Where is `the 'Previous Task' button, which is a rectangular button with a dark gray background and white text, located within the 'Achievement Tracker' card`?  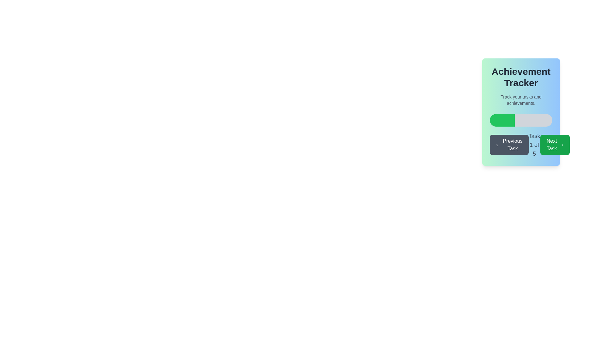
the 'Previous Task' button, which is a rectangular button with a dark gray background and white text, located within the 'Achievement Tracker' card is located at coordinates (509, 145).